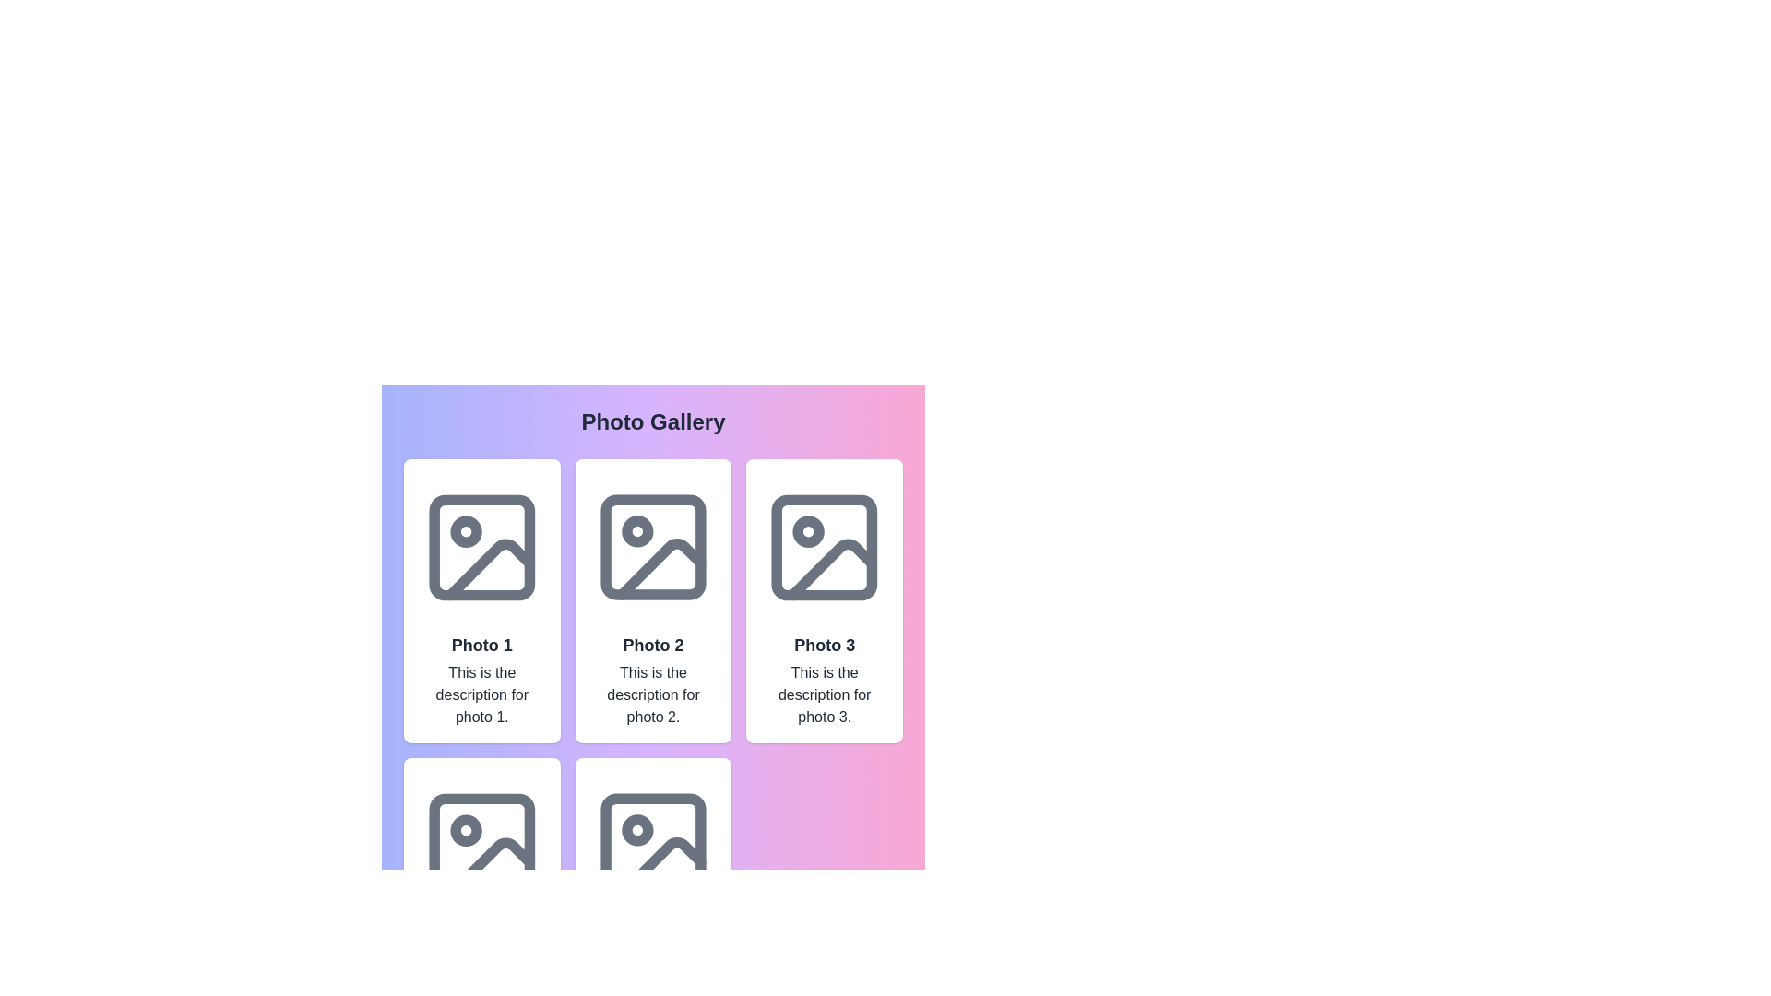 The image size is (1771, 996). What do you see at coordinates (824, 644) in the screenshot?
I see `the static text label that displays 'Photo 3', which is styled in bold and large font, located beneath the image and above the description text within its card` at bounding box center [824, 644].